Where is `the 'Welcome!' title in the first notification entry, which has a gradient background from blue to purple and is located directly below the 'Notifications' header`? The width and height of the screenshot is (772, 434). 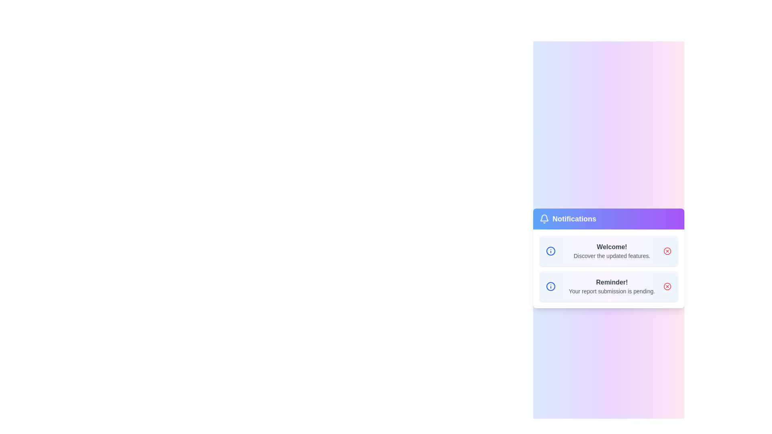 the 'Welcome!' title in the first notification entry, which has a gradient background from blue to purple and is located directly below the 'Notifications' header is located at coordinates (608, 250).